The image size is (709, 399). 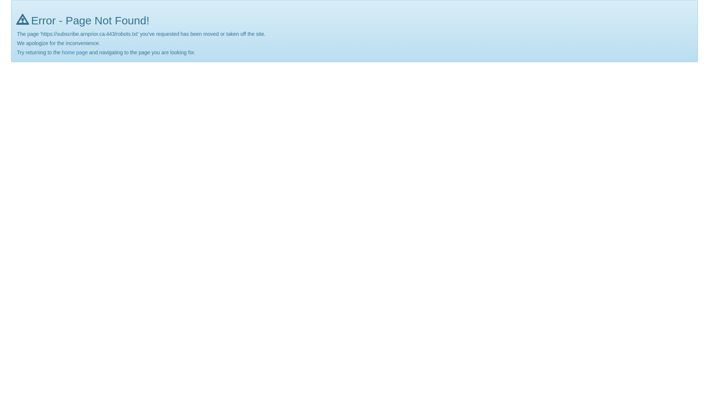 What do you see at coordinates (75, 52) in the screenshot?
I see `'home page'` at bounding box center [75, 52].